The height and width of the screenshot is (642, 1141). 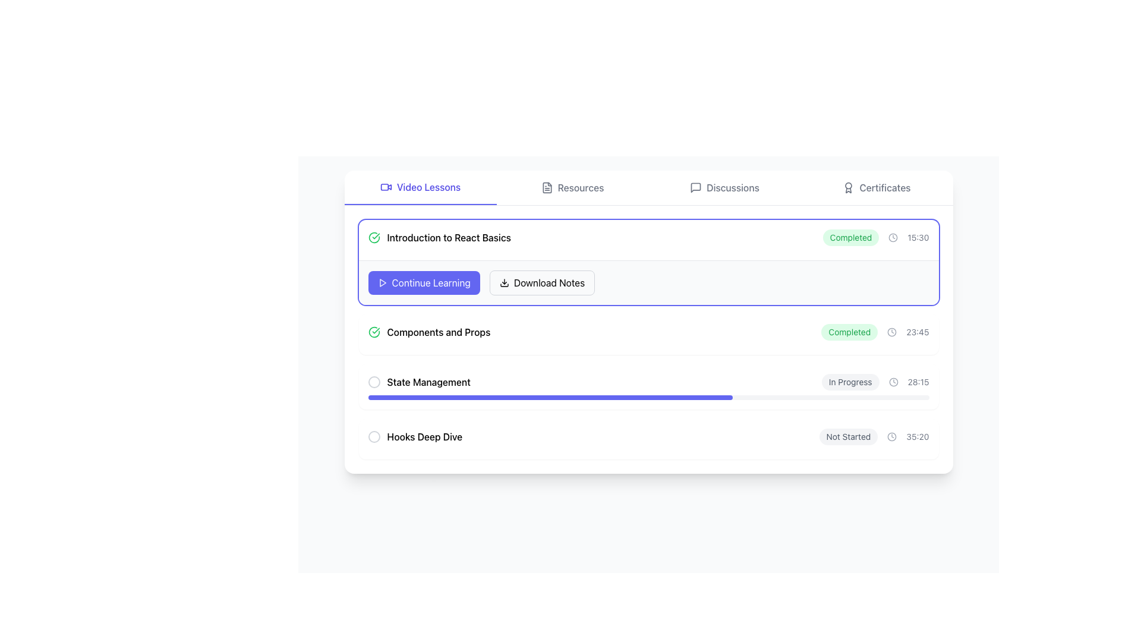 What do you see at coordinates (890, 431) in the screenshot?
I see `the circular element at a specified angle 172 (in degrees) from the positive x-axis` at bounding box center [890, 431].